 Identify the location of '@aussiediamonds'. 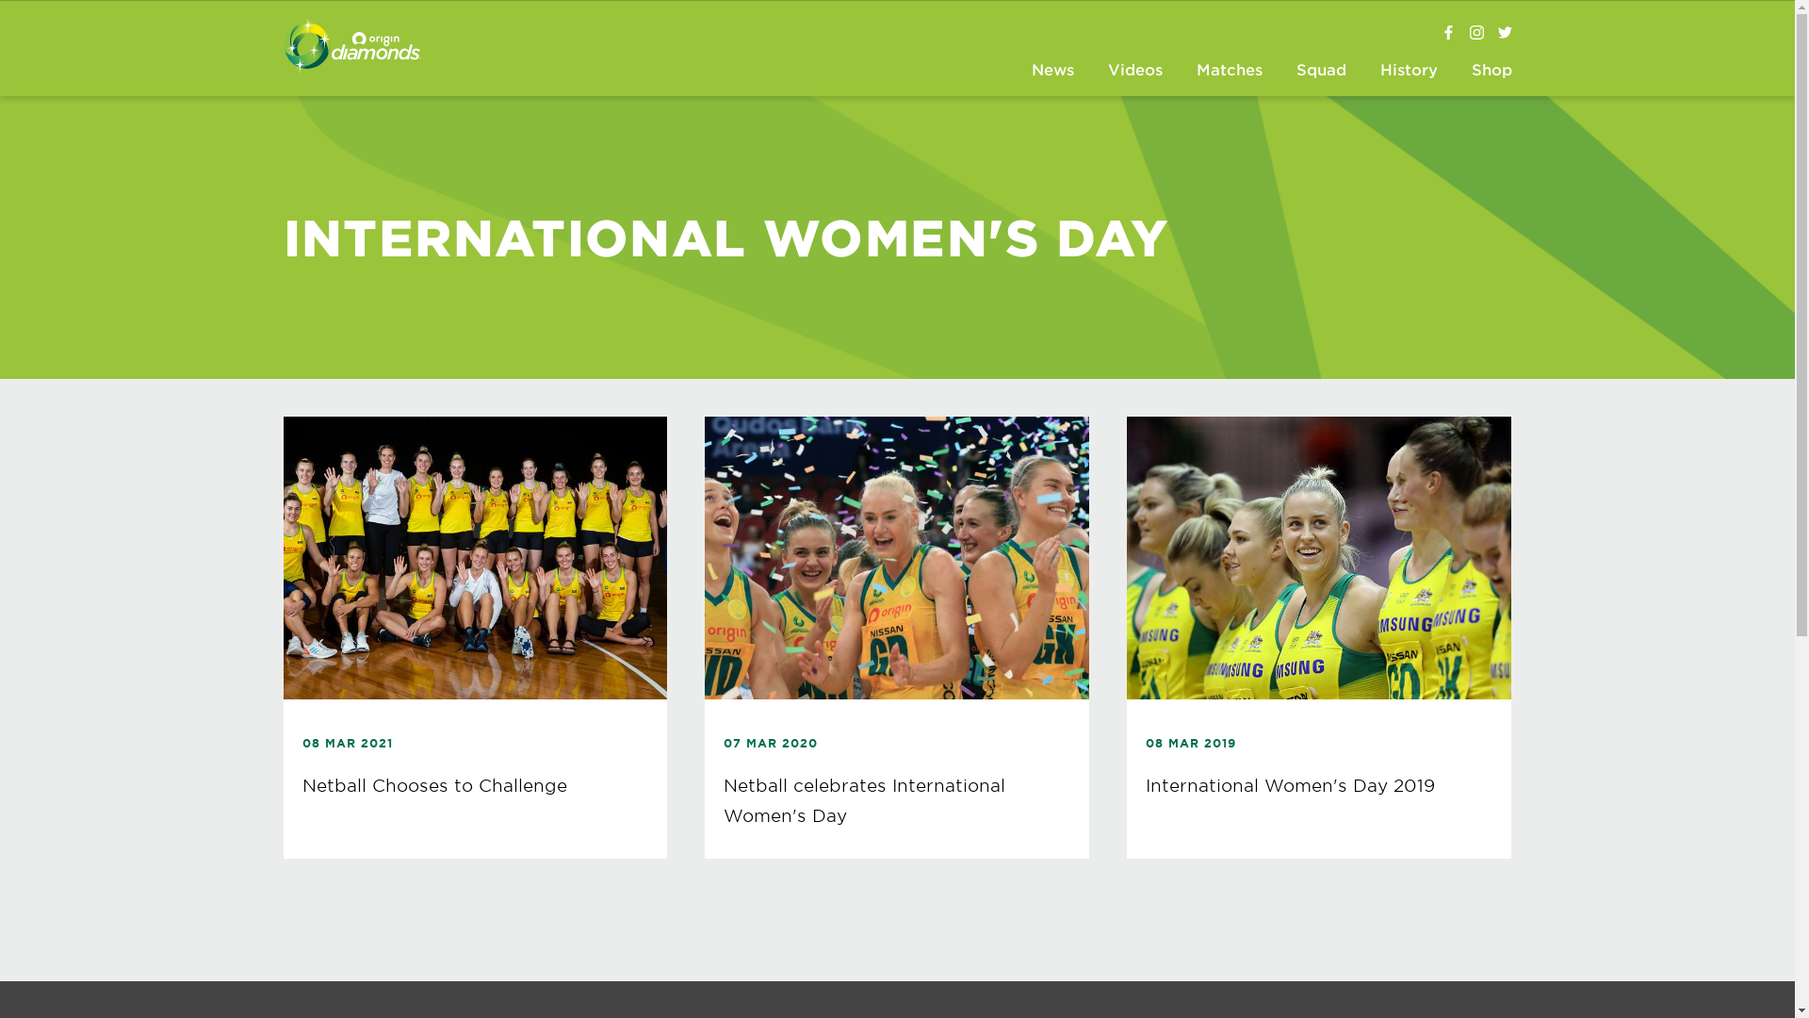
(1469, 32).